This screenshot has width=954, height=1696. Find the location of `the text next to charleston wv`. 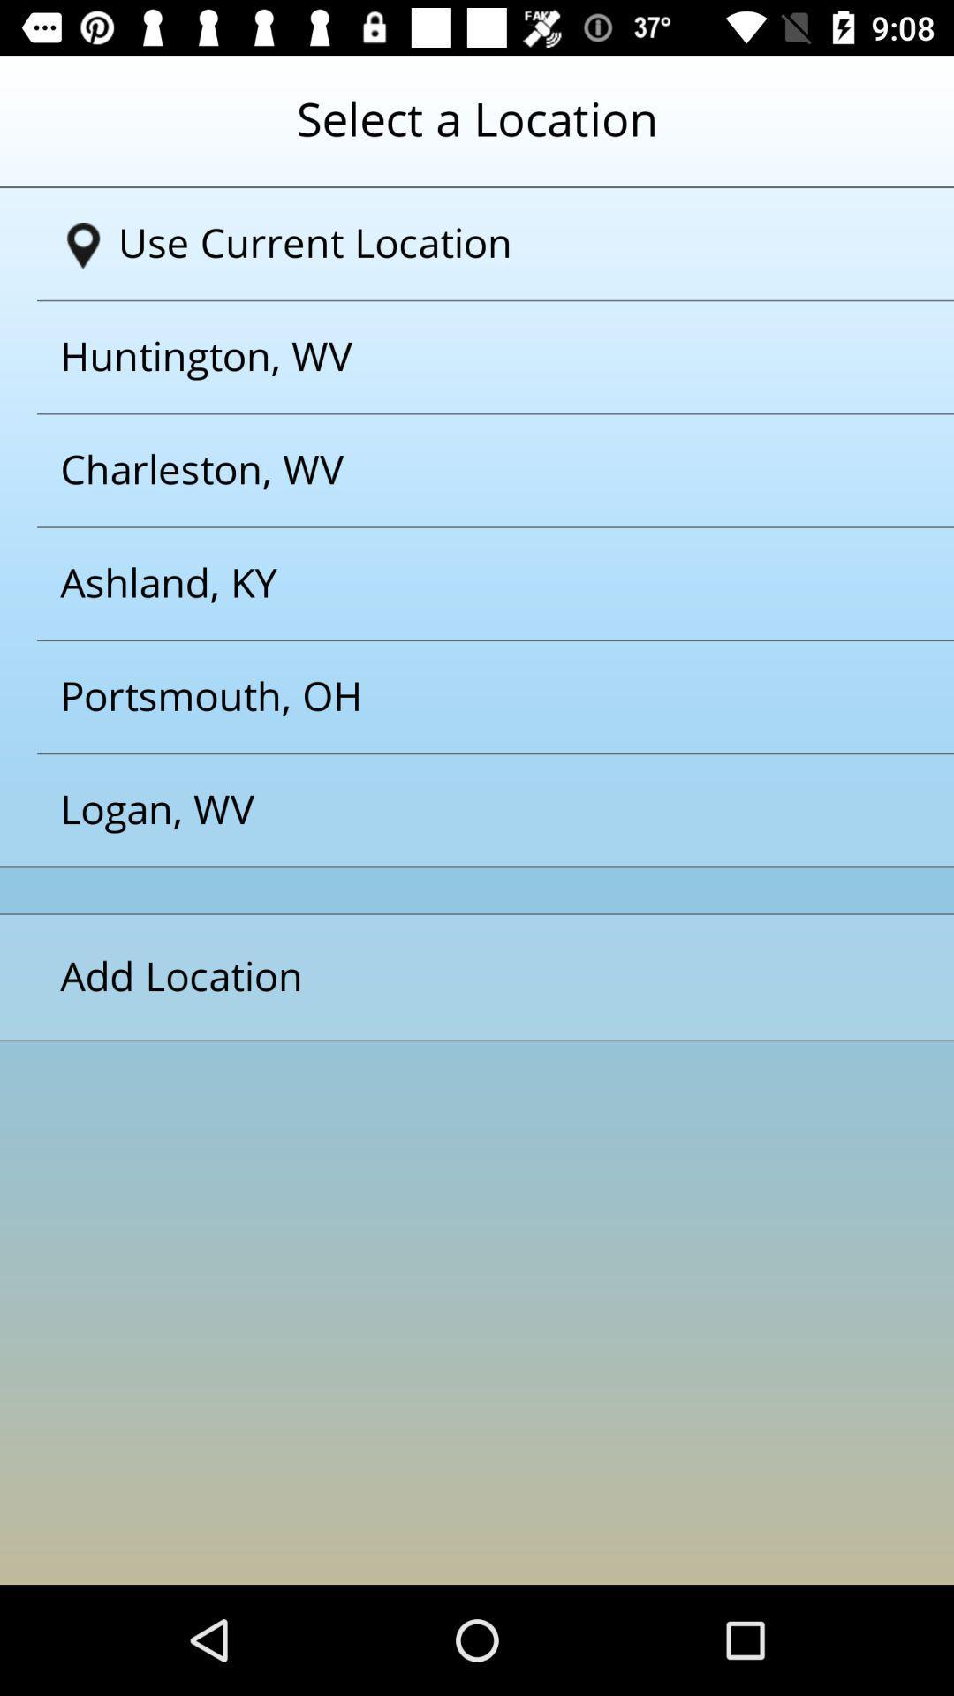

the text next to charleston wv is located at coordinates (454, 584).